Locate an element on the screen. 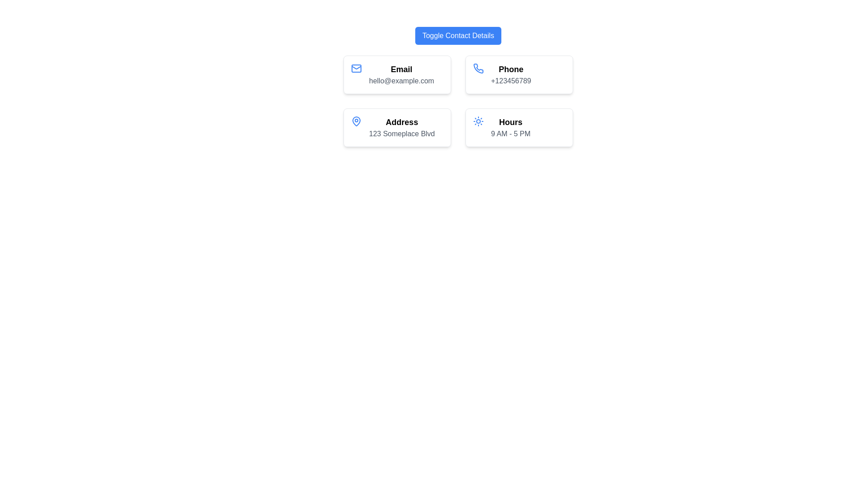  displayed content of the Static Text showing '123 Someplace Blvd', located below the 'Address' label in the lower-left section of the grid is located at coordinates (401, 134).